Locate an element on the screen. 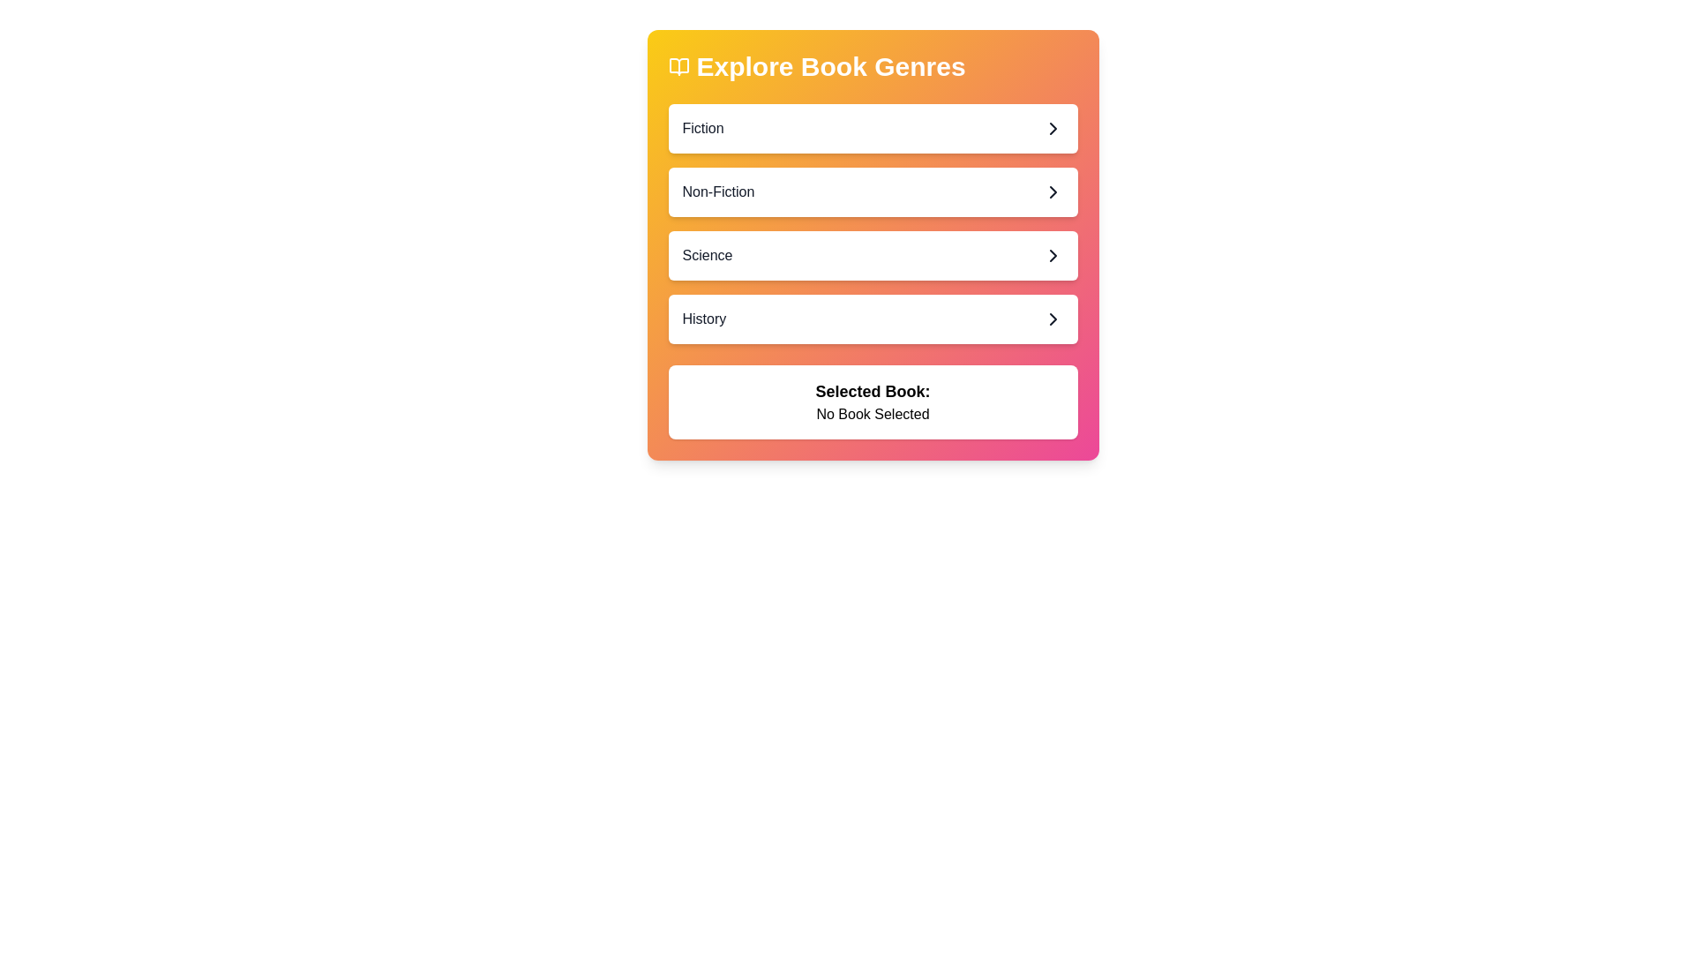 The height and width of the screenshot is (953, 1694). the right-facing chevron icon located at the far right of the 'Science' row in the 'Explore Book Genres' section is located at coordinates (1053, 255).